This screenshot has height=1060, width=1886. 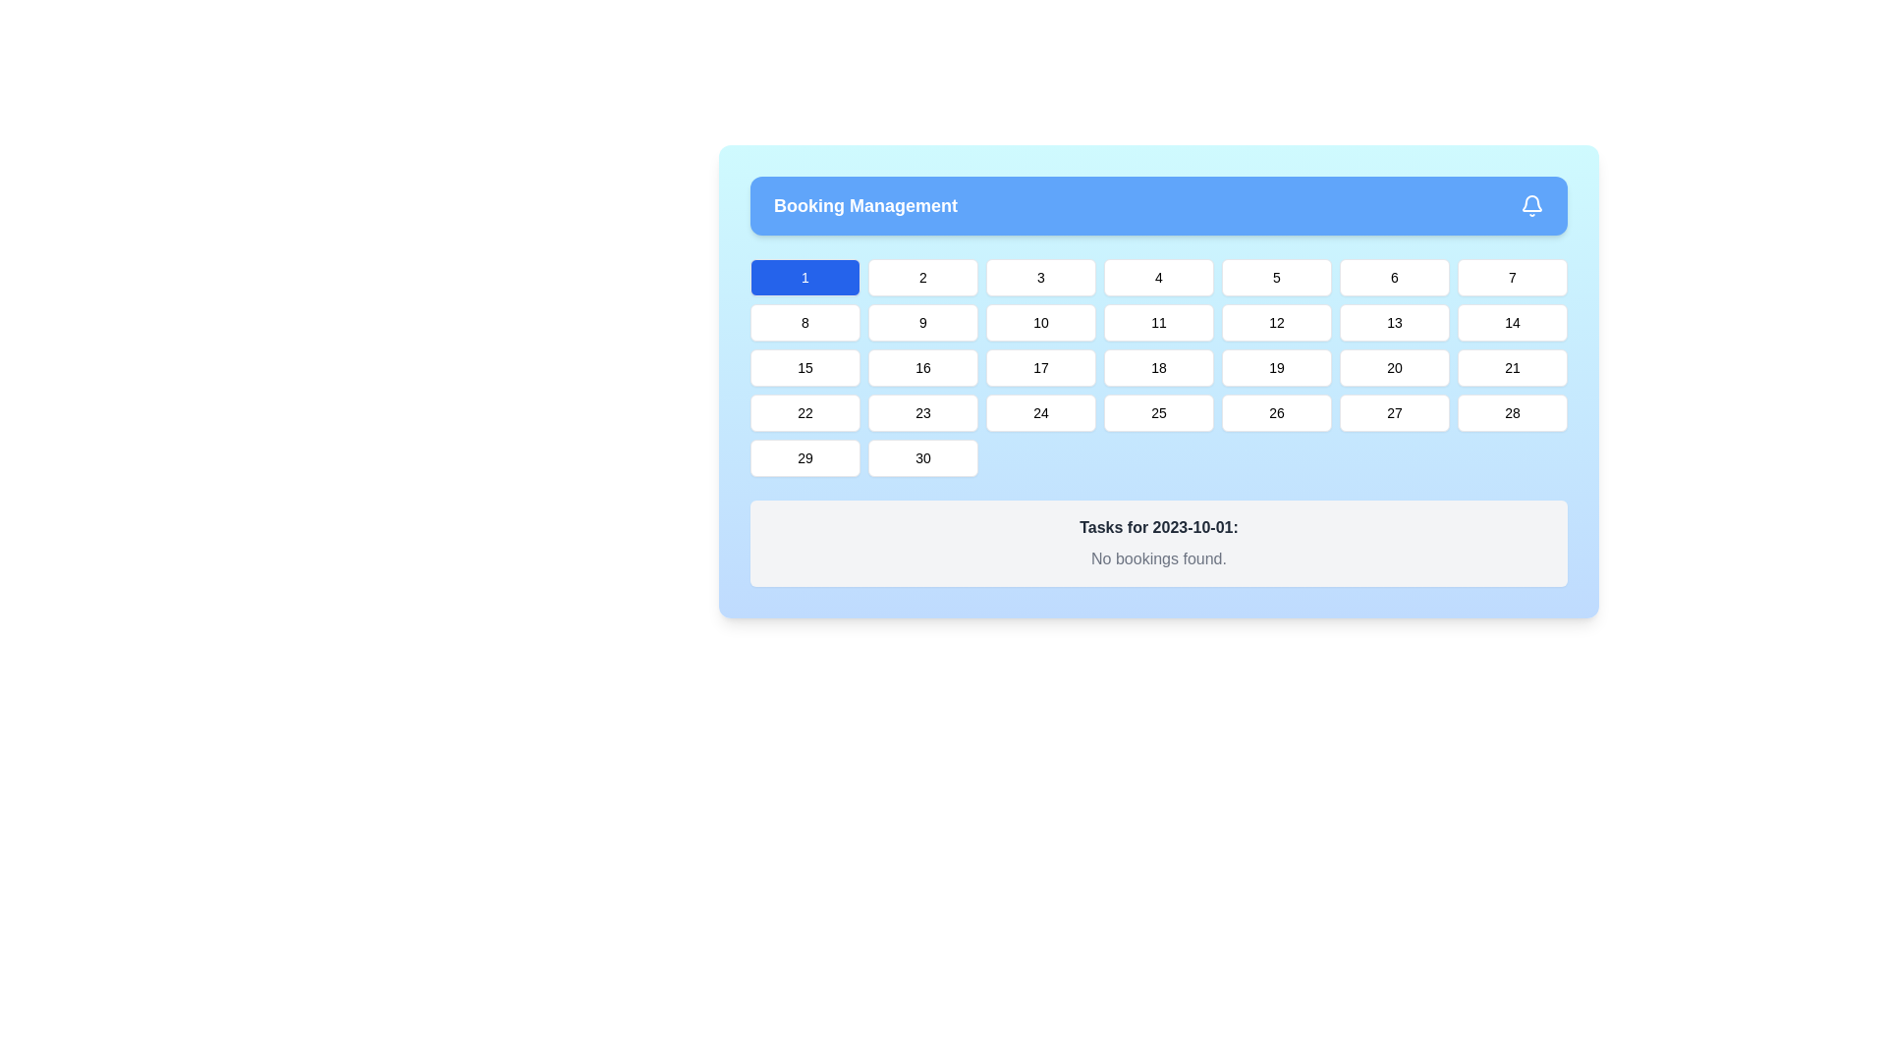 I want to click on the date button for selecting the ninth day in the calendar interface located in the second row, second column under 'Booking Management', so click(x=922, y=321).